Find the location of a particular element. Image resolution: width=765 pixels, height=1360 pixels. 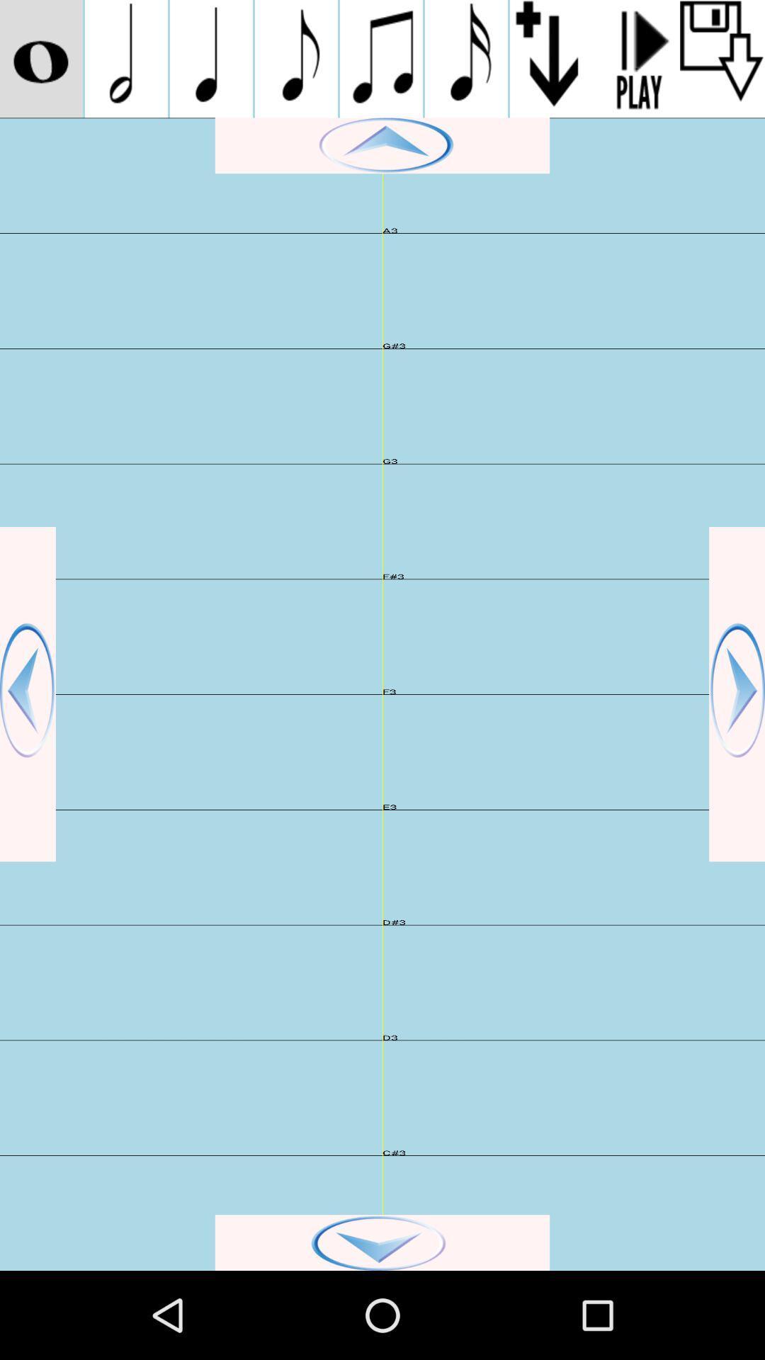

music notes is located at coordinates (466, 58).